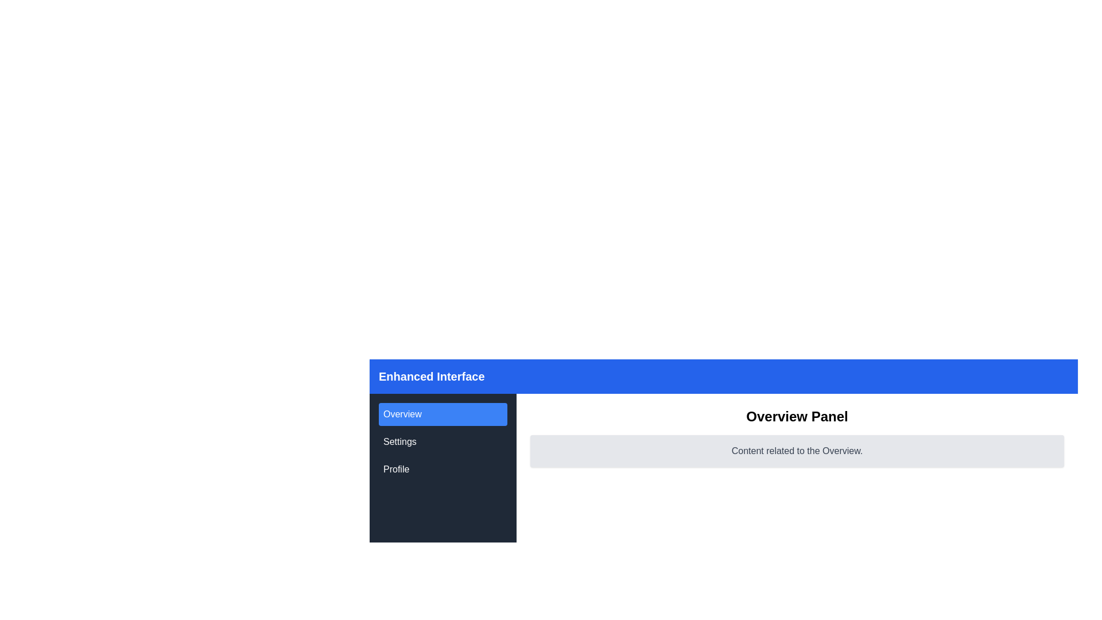 This screenshot has height=620, width=1102. I want to click on the 'Profile' button located in the left sidebar under 'Settings' and below 'Overview', so click(443, 469).